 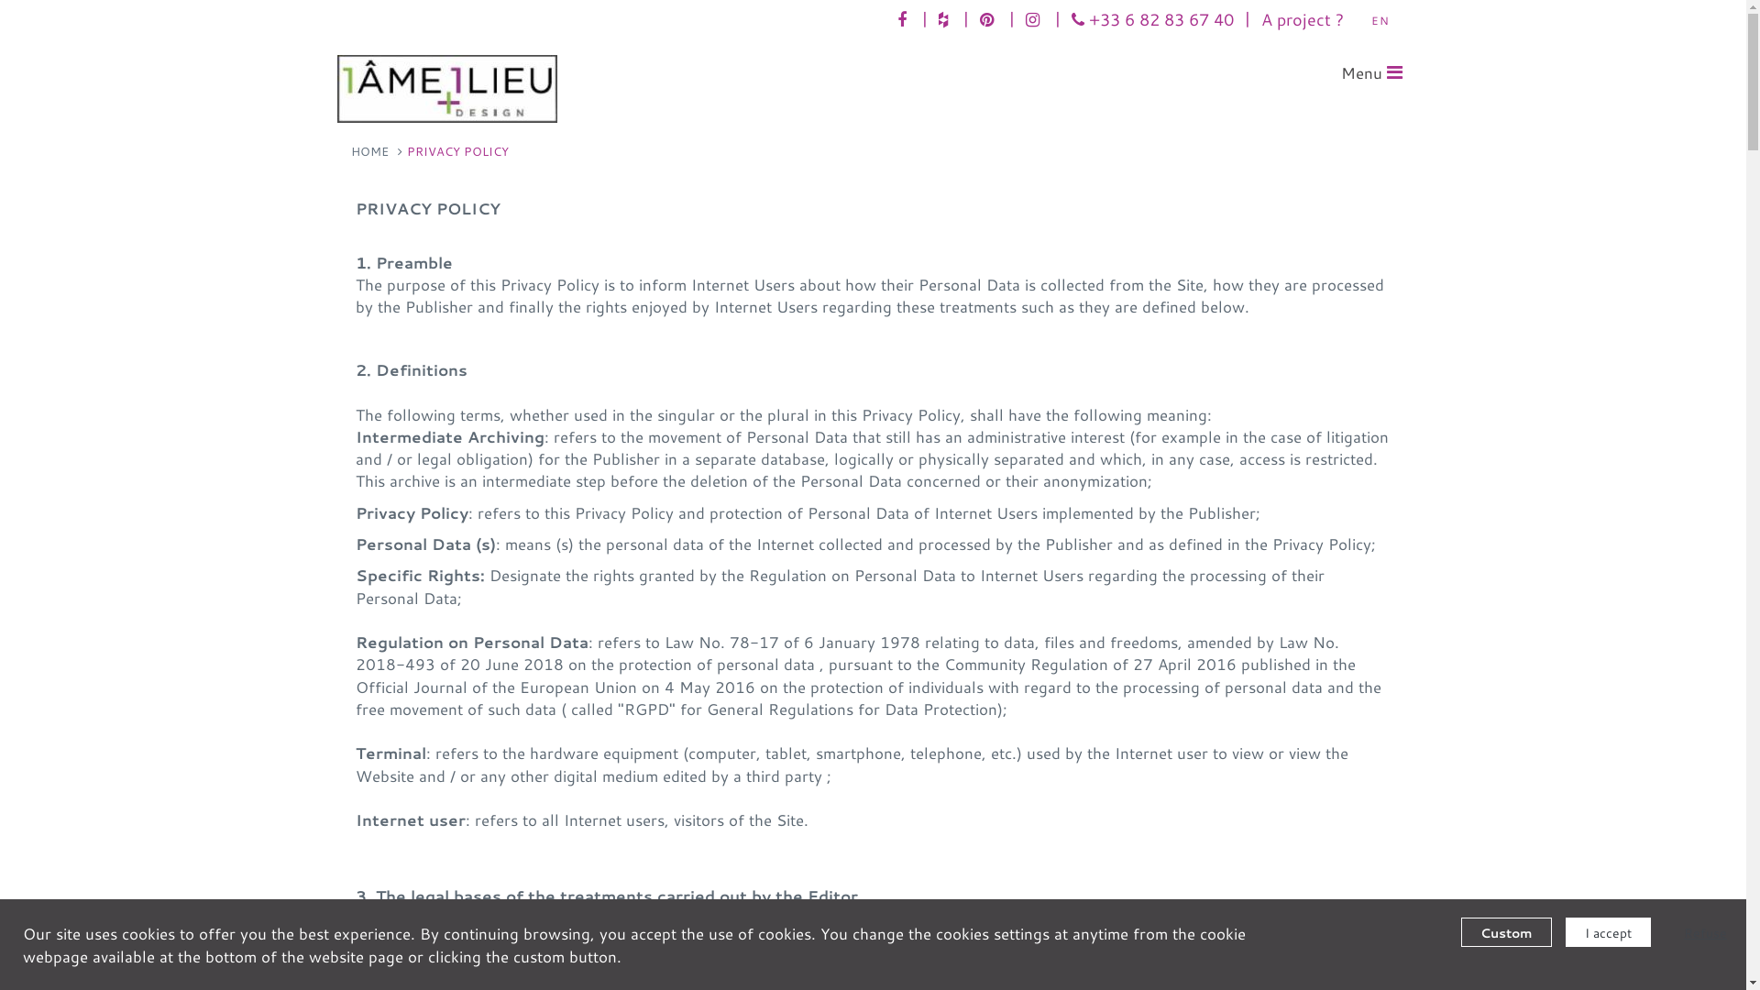 What do you see at coordinates (1364, 20) in the screenshot?
I see `'EN'` at bounding box center [1364, 20].